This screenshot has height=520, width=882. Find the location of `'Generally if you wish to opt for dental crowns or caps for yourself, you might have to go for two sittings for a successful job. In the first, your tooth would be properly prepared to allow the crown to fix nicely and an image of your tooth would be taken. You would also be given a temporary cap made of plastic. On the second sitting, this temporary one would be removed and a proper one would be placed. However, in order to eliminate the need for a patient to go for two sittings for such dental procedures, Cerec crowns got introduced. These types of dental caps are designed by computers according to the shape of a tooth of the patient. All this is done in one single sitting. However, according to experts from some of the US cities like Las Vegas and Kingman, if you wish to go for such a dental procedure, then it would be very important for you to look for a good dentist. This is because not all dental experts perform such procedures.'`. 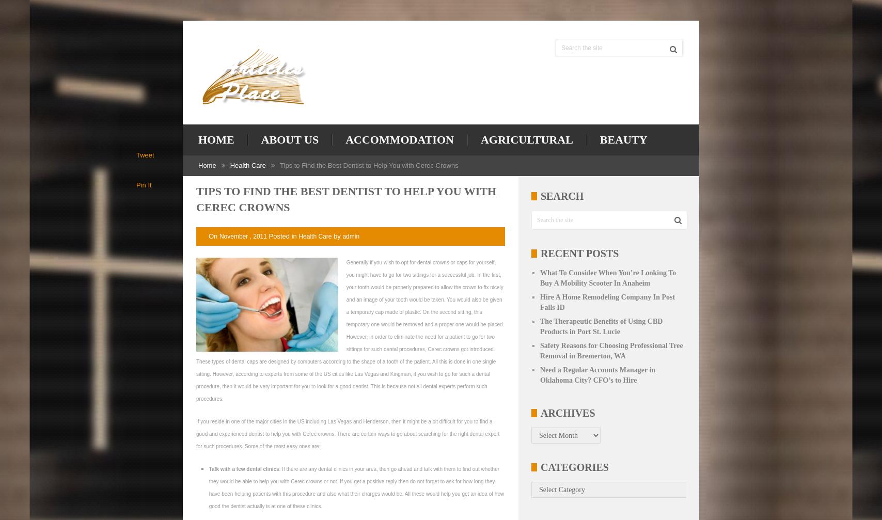

'Generally if you wish to opt for dental crowns or caps for yourself, you might have to go for two sittings for a successful job. In the first, your tooth would be properly prepared to allow the crown to fix nicely and an image of your tooth would be taken. You would also be given a temporary cap made of plastic. On the second sitting, this temporary one would be removed and a proper one would be placed. However, in order to eliminate the need for a patient to go for two sittings for such dental procedures, Cerec crowns got introduced. These types of dental caps are designed by computers according to the shape of a tooth of the patient. All this is done in one single sitting. However, according to experts from some of the US cities like Las Vegas and Kingman, if you wish to go for such a dental procedure, then it would be very important for you to look for a good dentist. This is because not all dental experts perform such procedures.' is located at coordinates (350, 329).